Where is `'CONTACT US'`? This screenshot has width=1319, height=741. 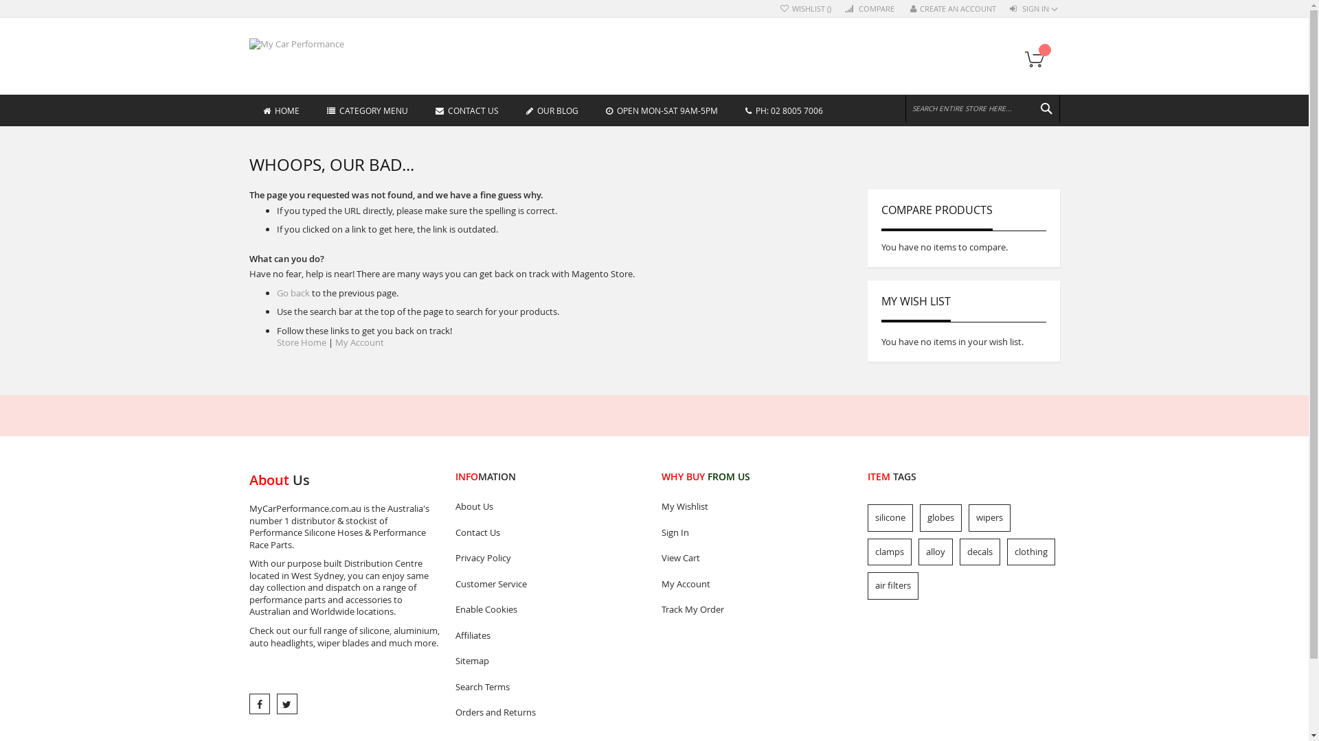 'CONTACT US' is located at coordinates (421, 109).